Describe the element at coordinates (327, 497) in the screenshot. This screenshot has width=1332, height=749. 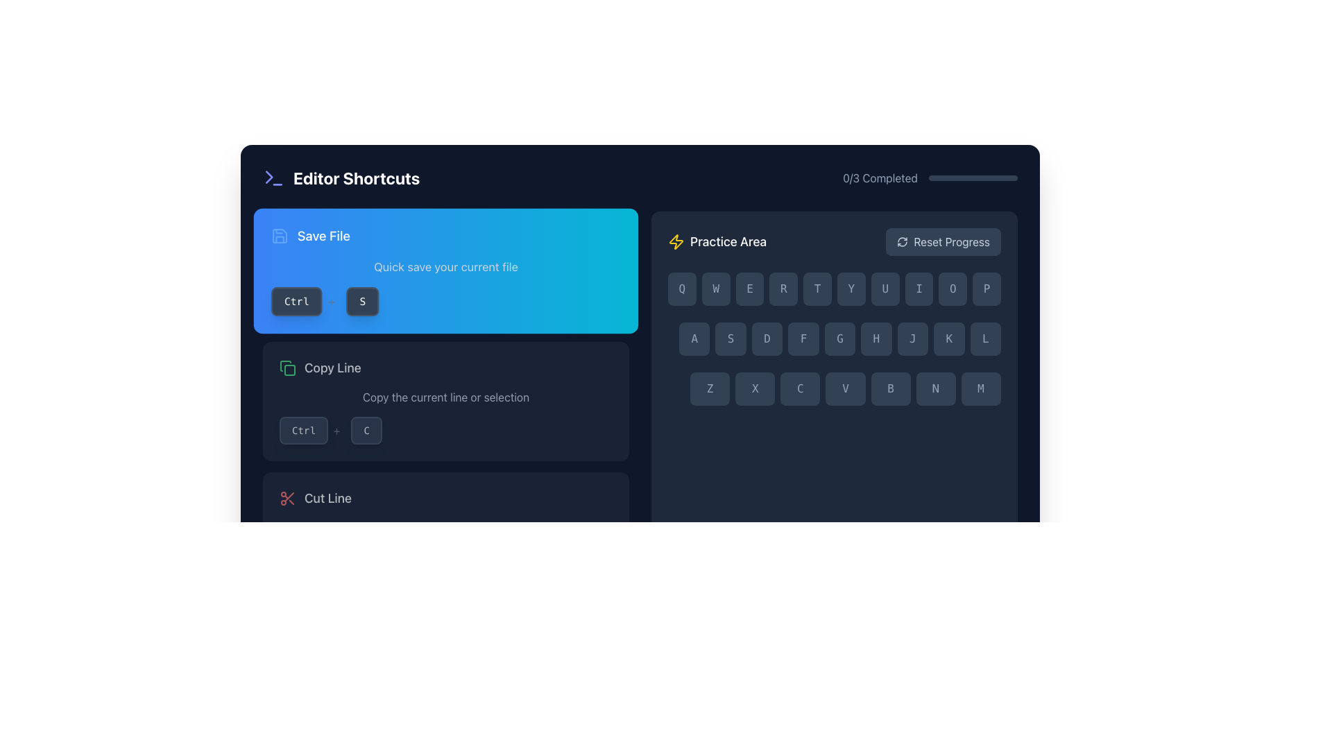
I see `the 'Cut Line' label text, which describes the function for cutting the current line in the text editor, located in the bottom section of the interface to the right of the red scissors icon` at that location.